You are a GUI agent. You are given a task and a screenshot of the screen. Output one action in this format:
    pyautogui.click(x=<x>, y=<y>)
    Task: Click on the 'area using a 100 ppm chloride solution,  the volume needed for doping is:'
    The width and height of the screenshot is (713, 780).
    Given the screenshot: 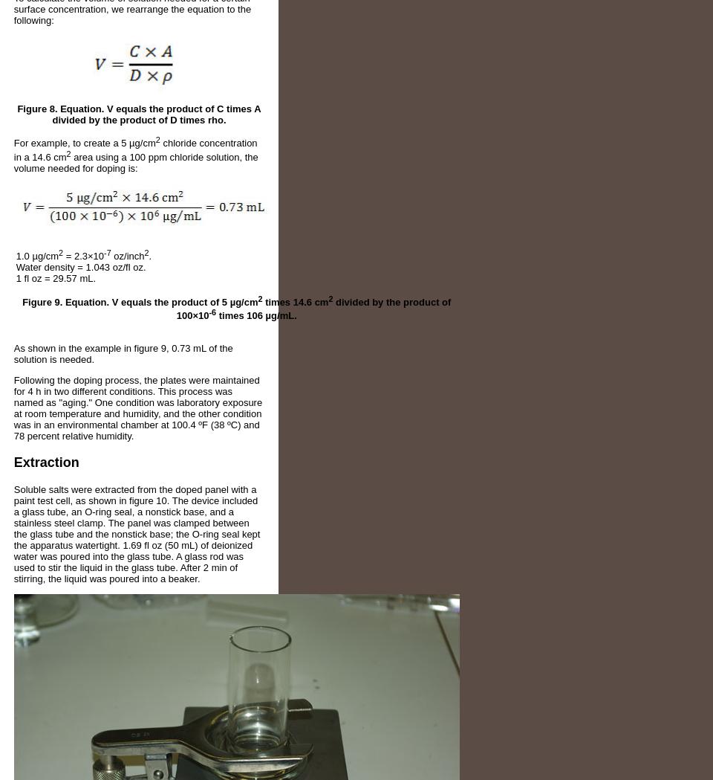 What is the action you would take?
    pyautogui.click(x=135, y=163)
    